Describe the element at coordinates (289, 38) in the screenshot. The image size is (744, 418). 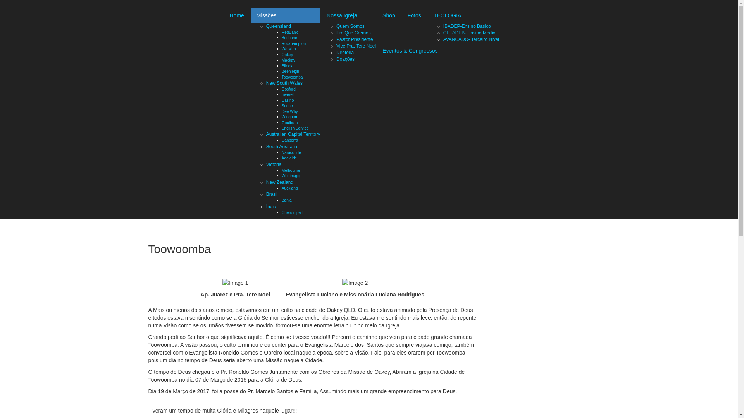
I see `'Brisbane'` at that location.